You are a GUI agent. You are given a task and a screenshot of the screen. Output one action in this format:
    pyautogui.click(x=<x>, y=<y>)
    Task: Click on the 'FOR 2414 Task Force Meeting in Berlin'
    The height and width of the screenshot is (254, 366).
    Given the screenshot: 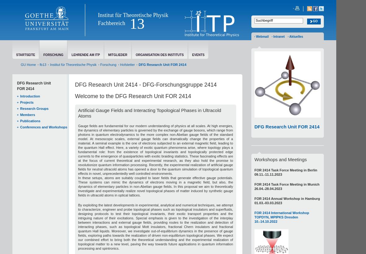 What is the action you would take?
    pyautogui.click(x=286, y=170)
    